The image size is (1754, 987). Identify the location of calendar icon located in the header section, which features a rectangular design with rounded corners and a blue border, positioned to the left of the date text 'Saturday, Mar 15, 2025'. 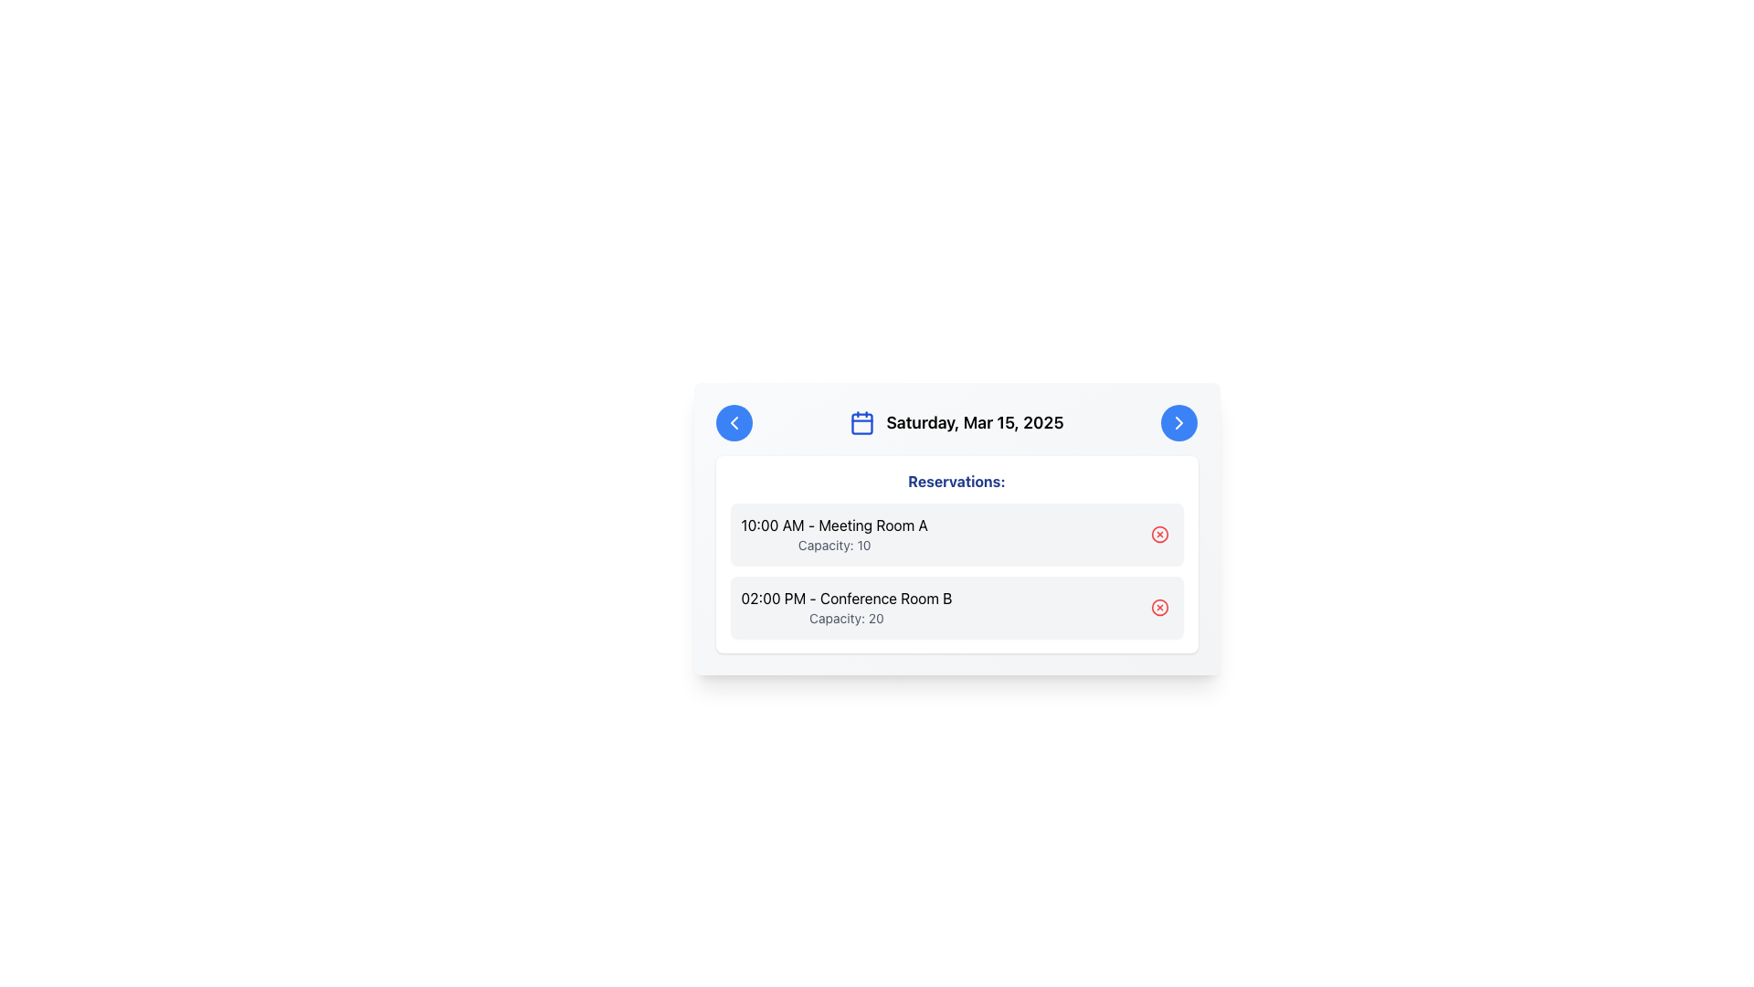
(861, 422).